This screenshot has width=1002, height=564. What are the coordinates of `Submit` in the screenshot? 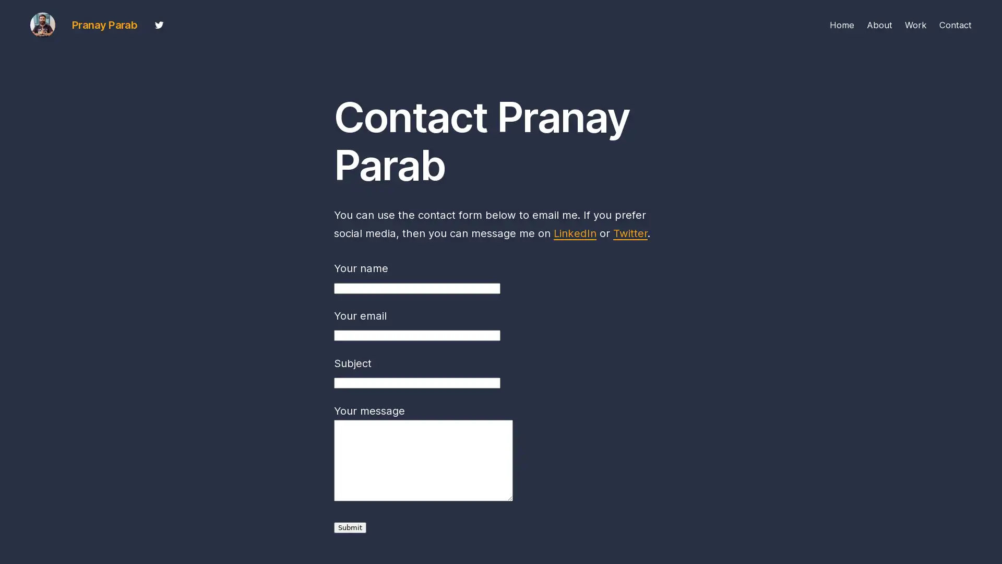 It's located at (350, 527).